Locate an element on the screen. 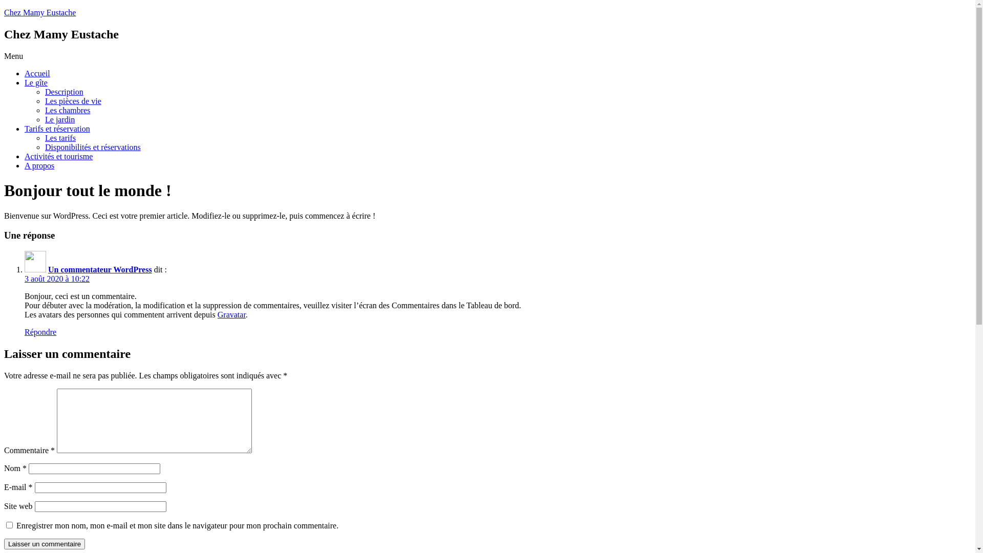 This screenshot has height=553, width=983. 'Description' is located at coordinates (44, 91).